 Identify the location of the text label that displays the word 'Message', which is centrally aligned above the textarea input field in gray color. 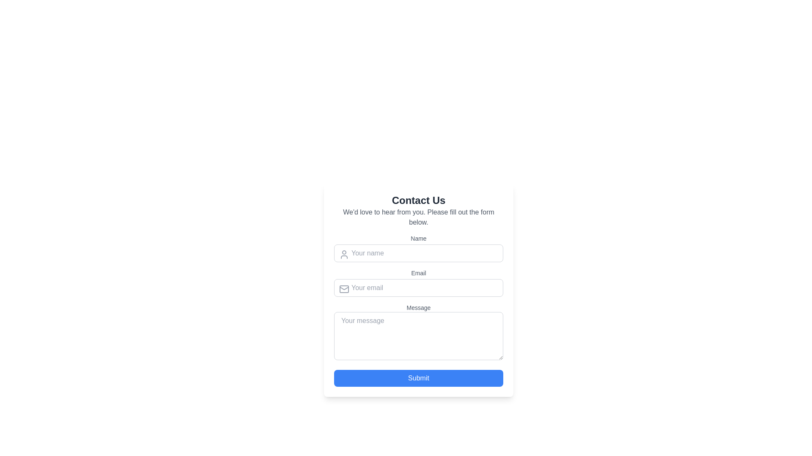
(418, 308).